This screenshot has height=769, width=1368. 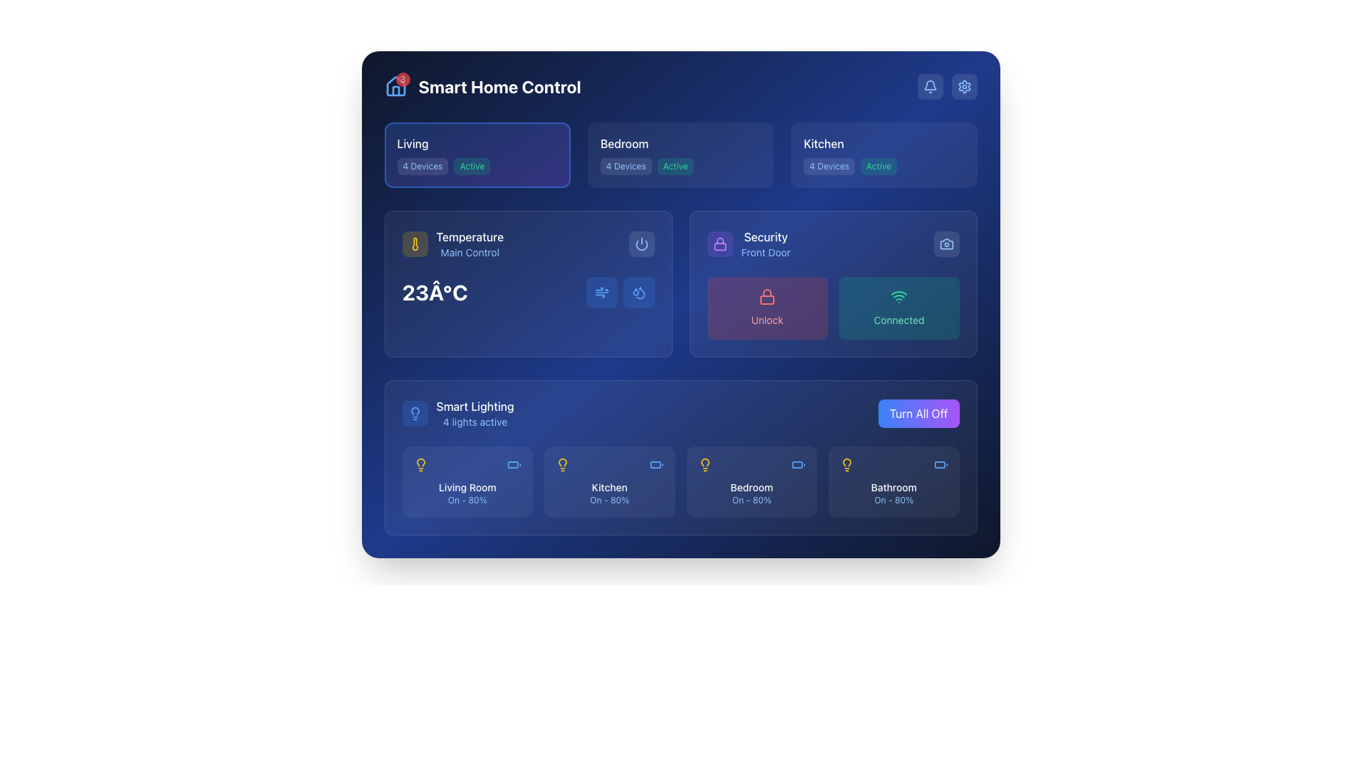 What do you see at coordinates (470, 244) in the screenshot?
I see `the label that provides the section title for the temperature control functionality in the smart home interface, located in the 'Temperature Main Control' panel, to the right of a yellow thermometer icon` at bounding box center [470, 244].